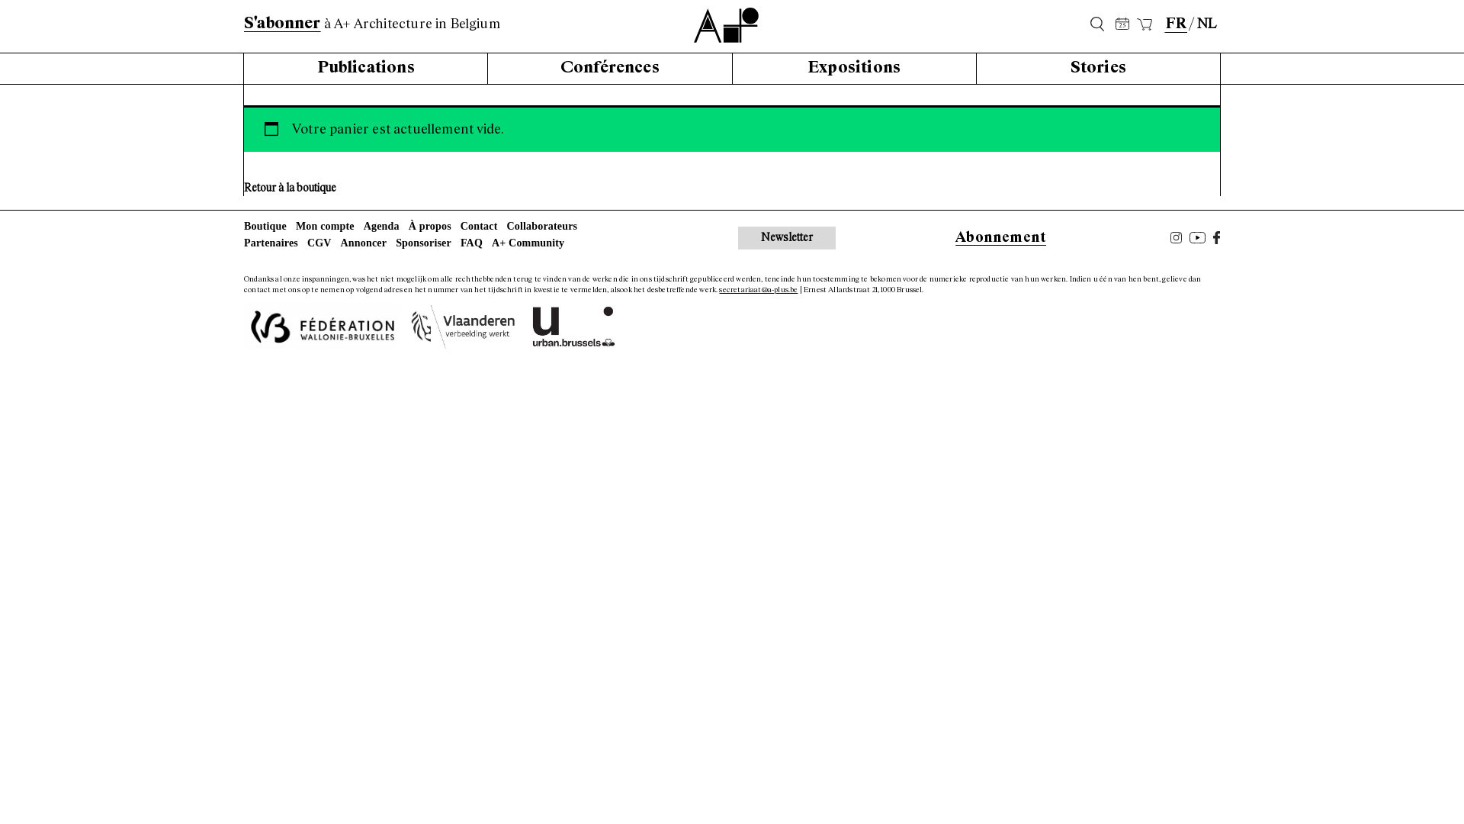 The image size is (1464, 824). I want to click on 'Expositions', so click(852, 67).